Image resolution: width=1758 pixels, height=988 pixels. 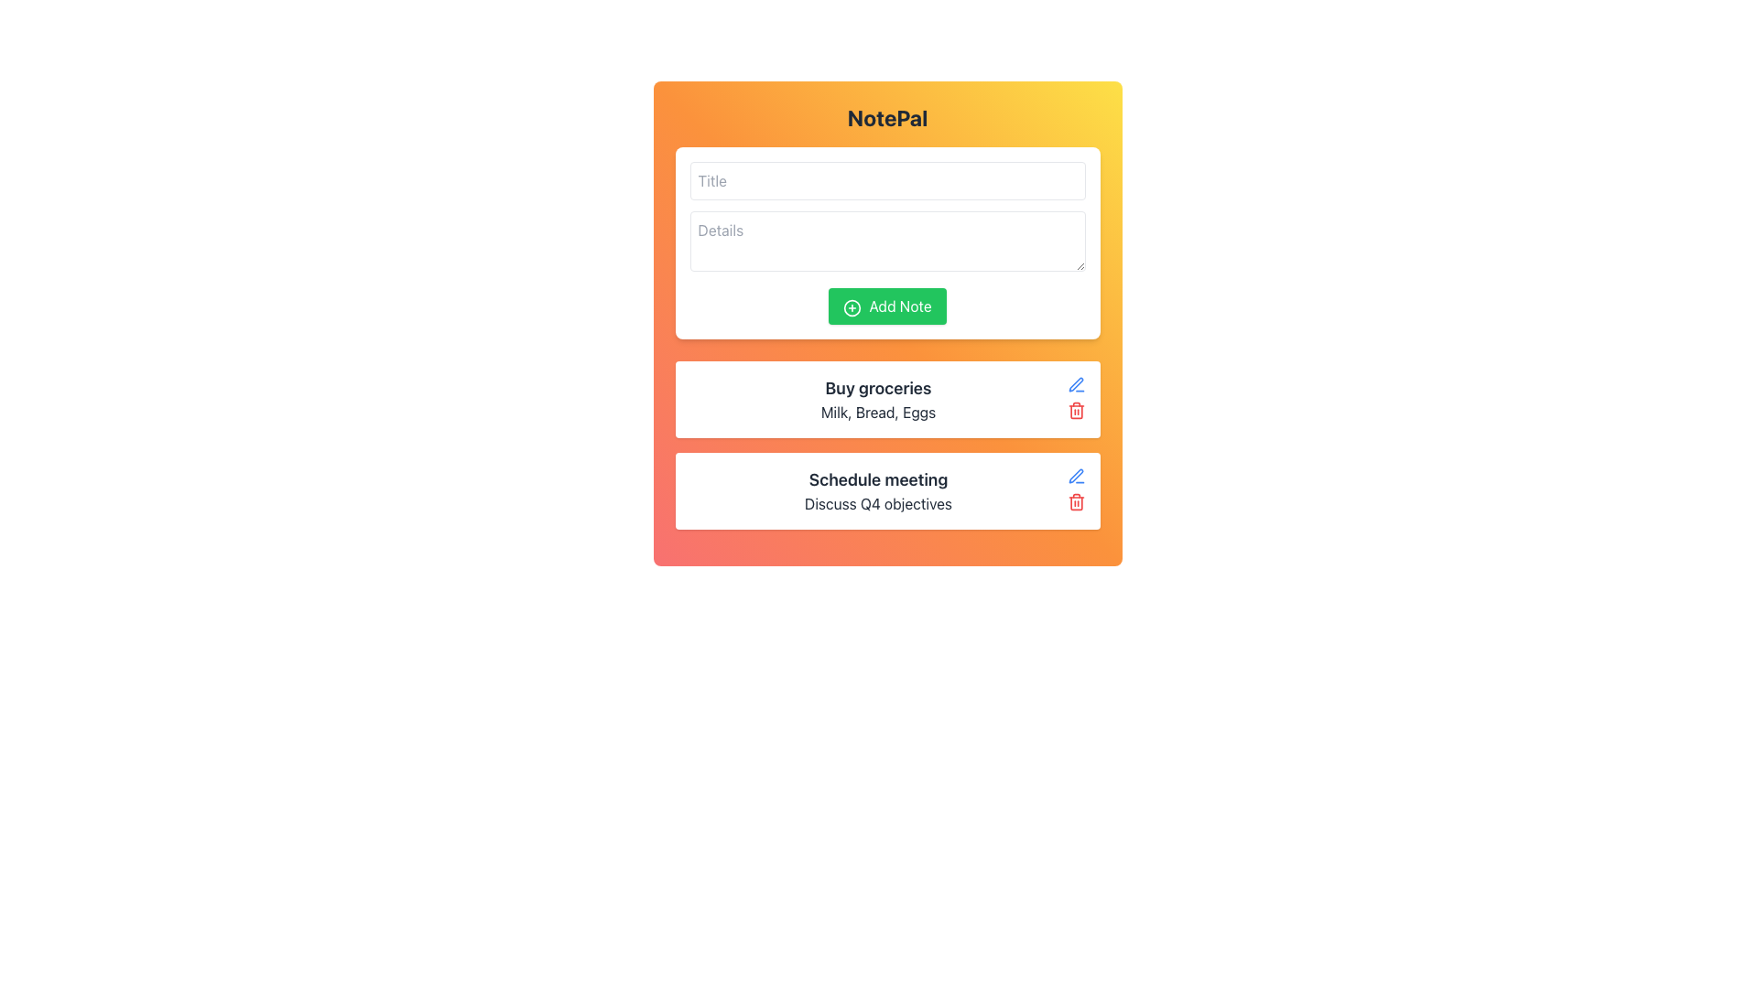 What do you see at coordinates (887, 117) in the screenshot?
I see `the Text Label element displaying 'NotePal', which is styled with bold, large font-size letters and is positioned at the topmost section of the card layout` at bounding box center [887, 117].